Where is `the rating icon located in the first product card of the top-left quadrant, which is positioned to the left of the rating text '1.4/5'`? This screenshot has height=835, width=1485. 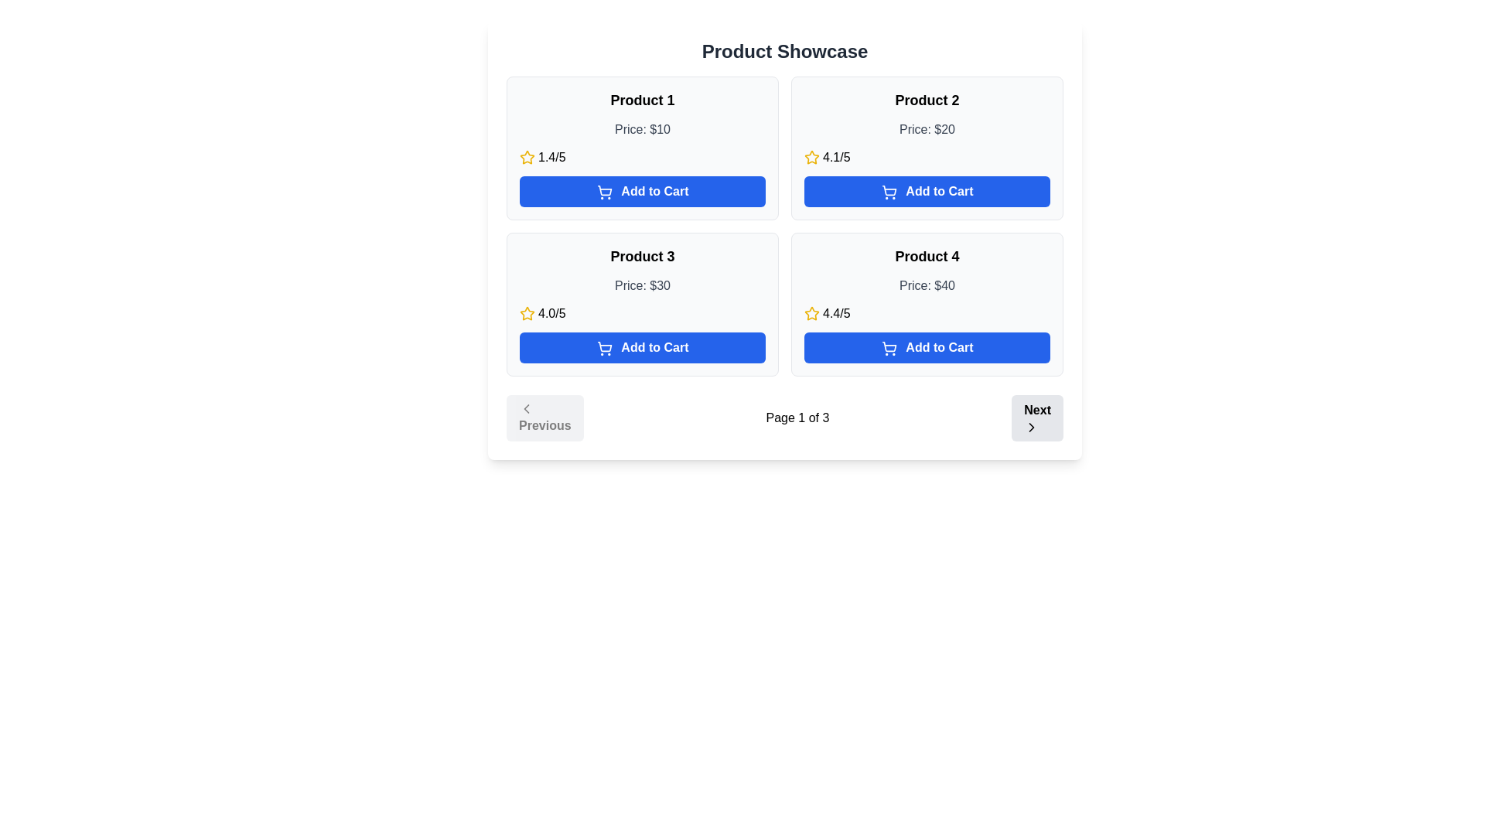
the rating icon located in the first product card of the top-left quadrant, which is positioned to the left of the rating text '1.4/5' is located at coordinates (527, 157).